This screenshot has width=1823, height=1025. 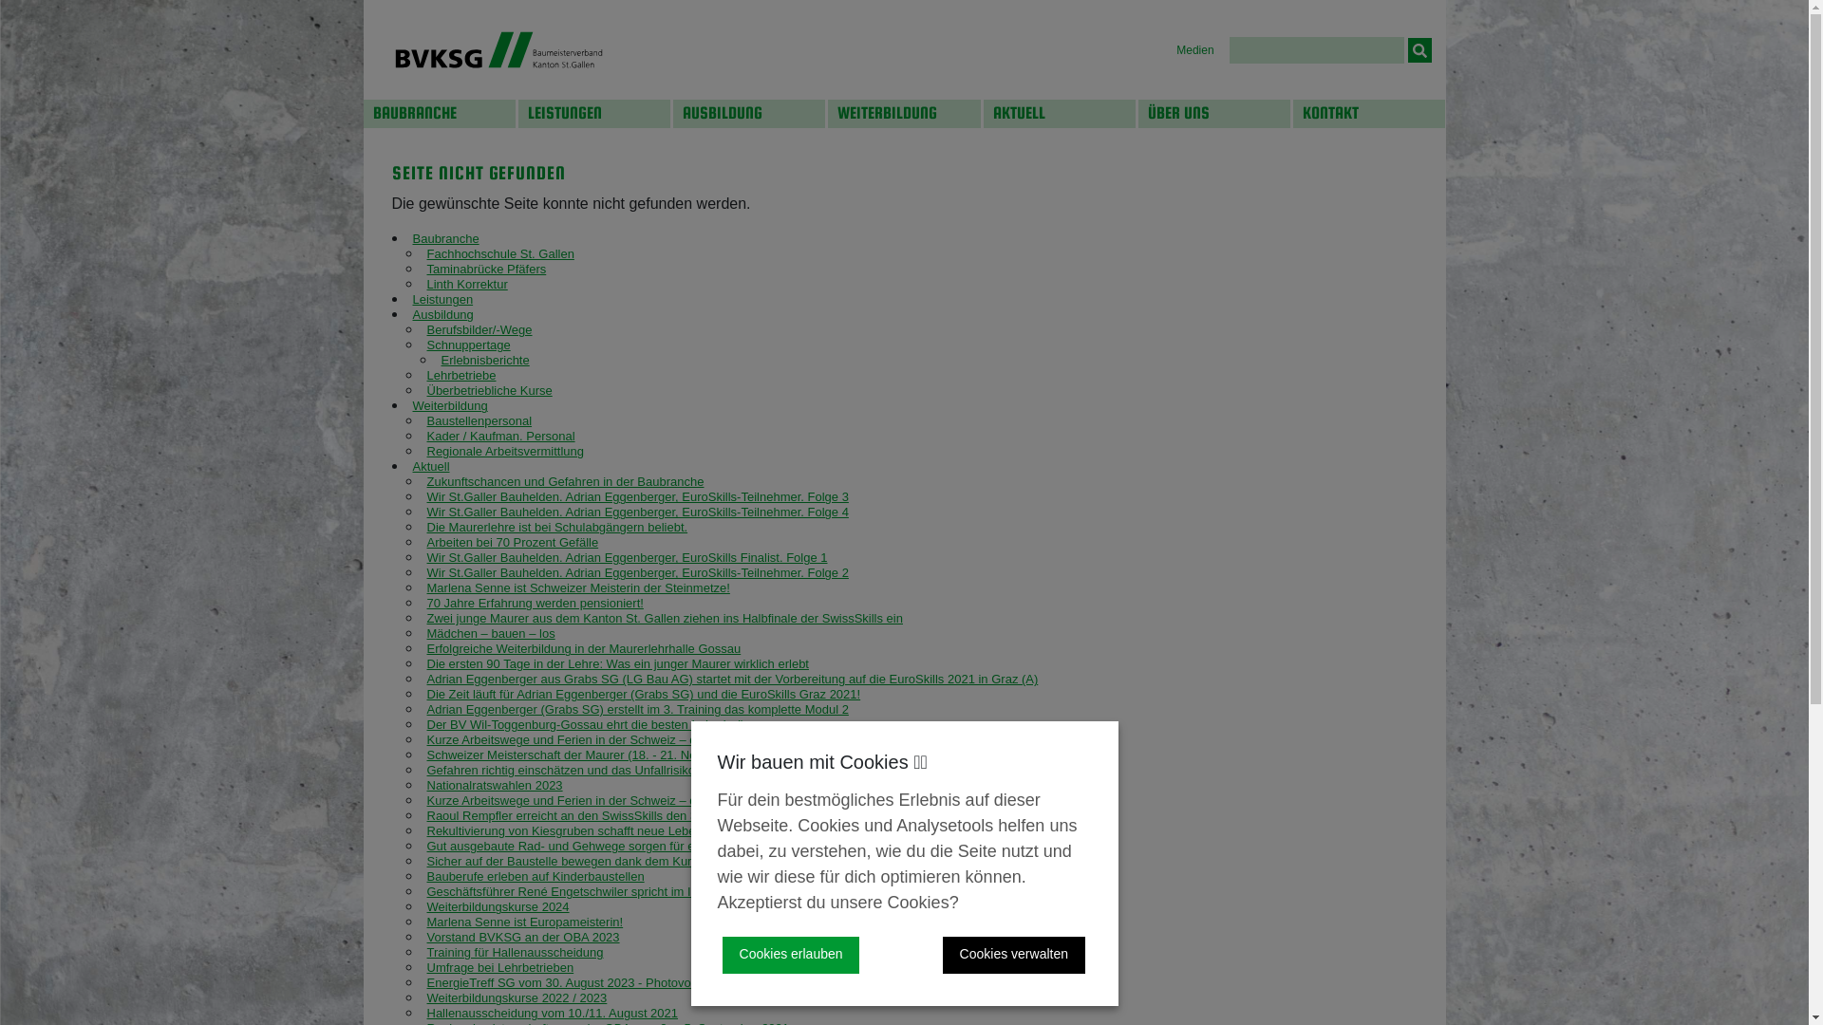 What do you see at coordinates (523, 936) in the screenshot?
I see `'Vorstand BVKSG an der OBA 2023'` at bounding box center [523, 936].